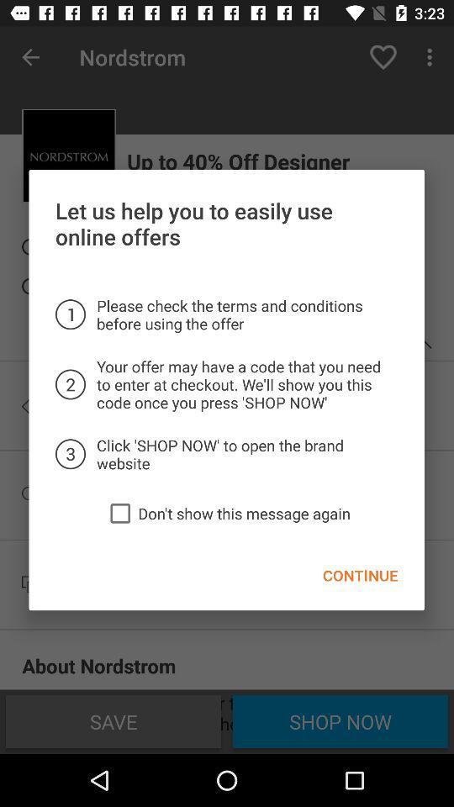  What do you see at coordinates (119, 512) in the screenshot?
I see `agreement button` at bounding box center [119, 512].